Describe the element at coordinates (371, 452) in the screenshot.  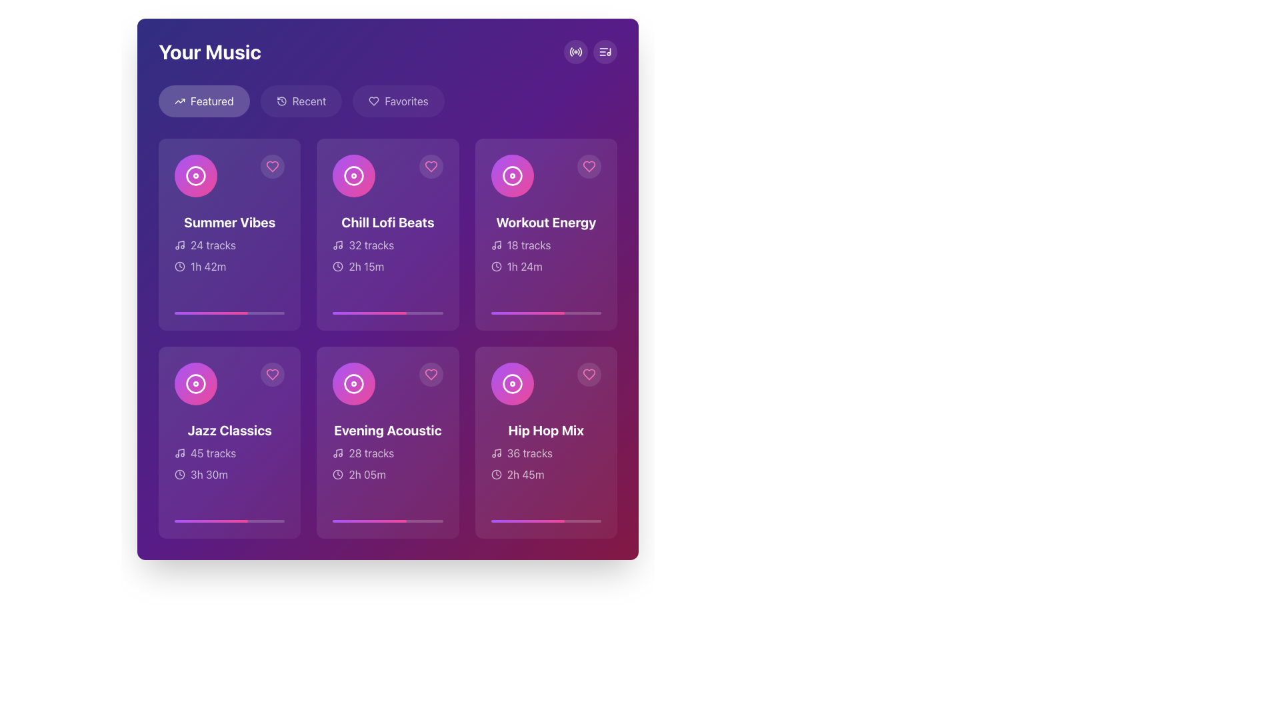
I see `the label that displays the number of tracks available in the 'Evening Acoustic' card, which is located in the second row, second column of the grid layout` at that location.